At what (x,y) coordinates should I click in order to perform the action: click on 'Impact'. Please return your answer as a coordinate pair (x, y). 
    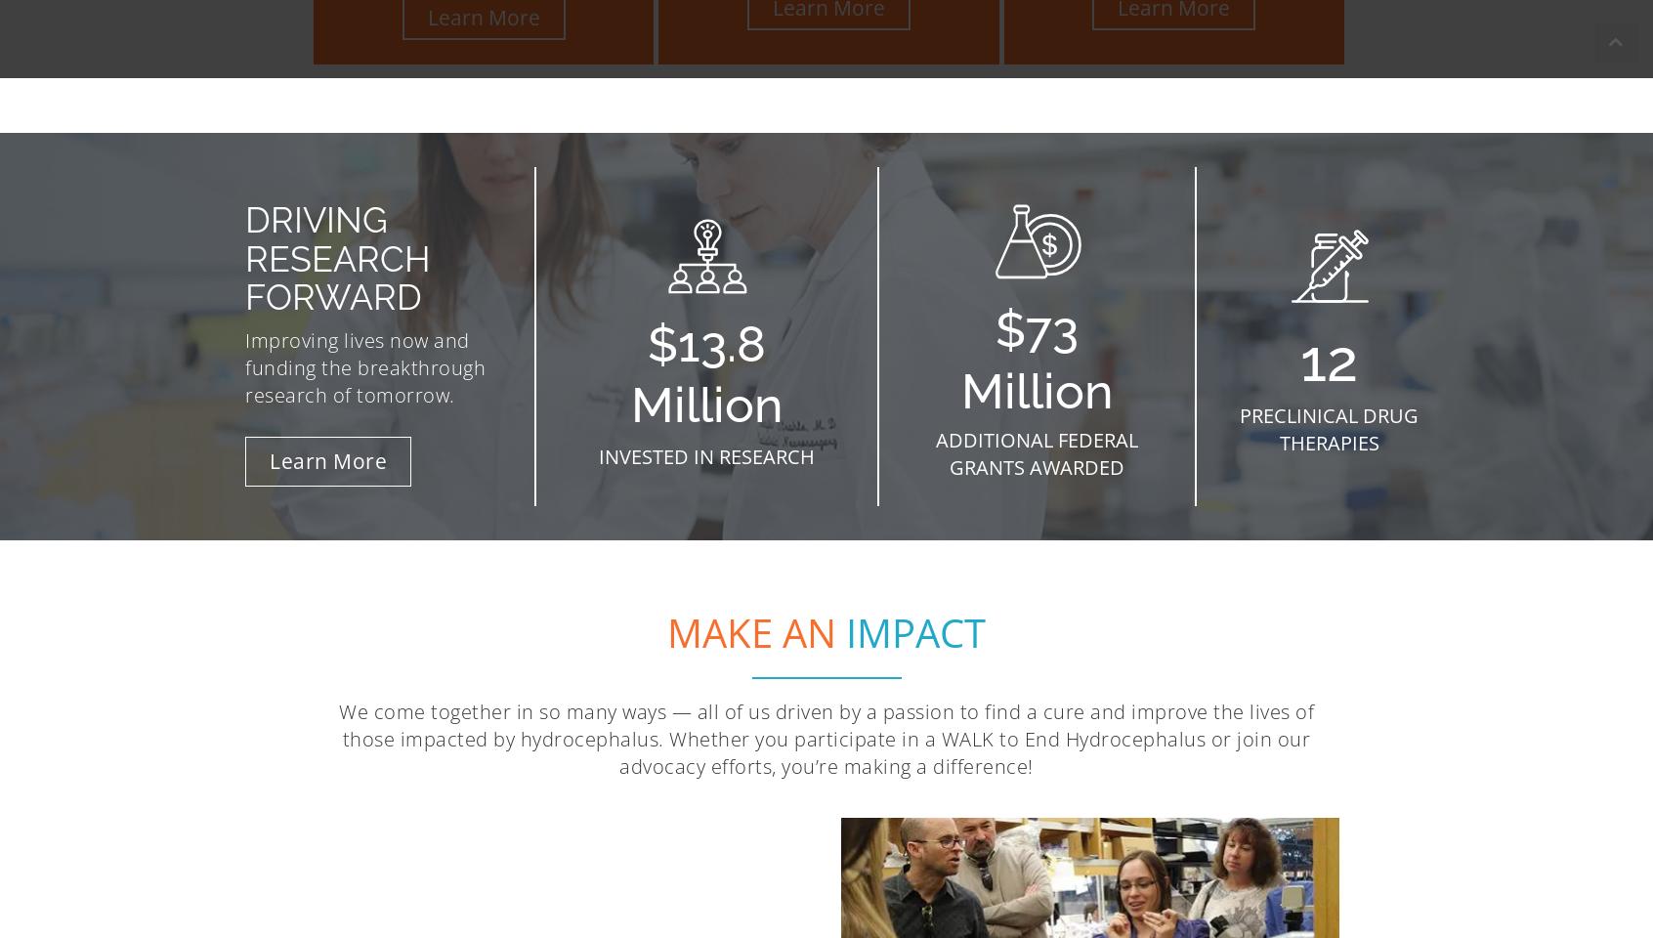
    Looking at the image, I should click on (915, 630).